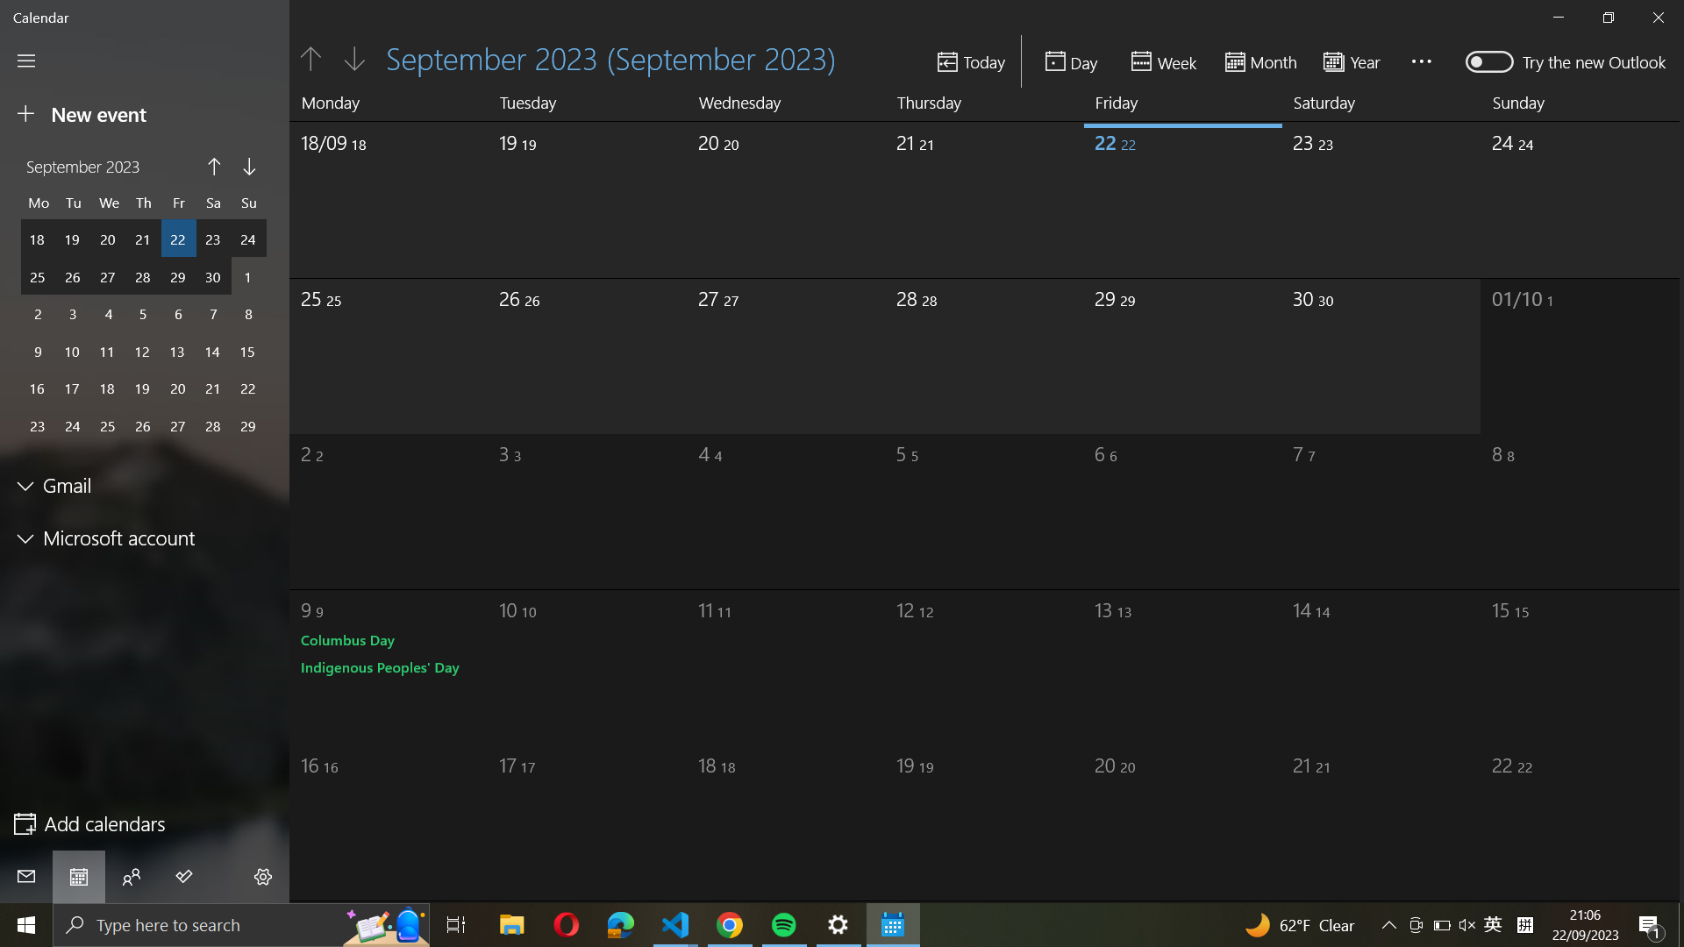  I want to click on Change the view to month, so click(1260, 60).